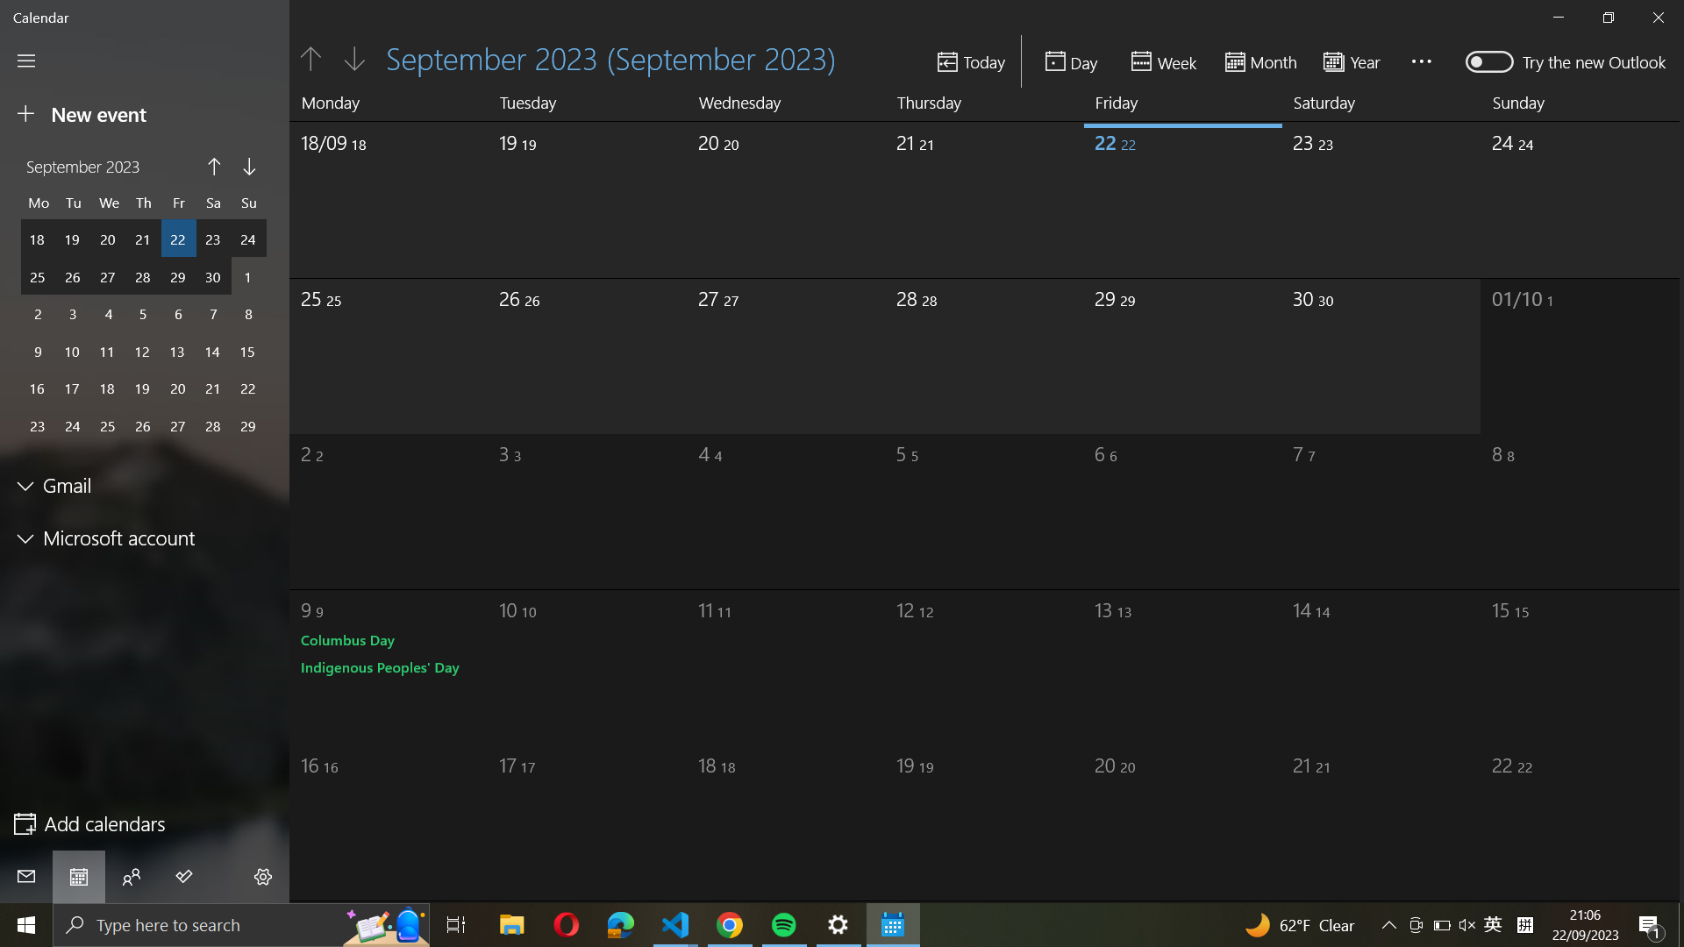  I want to click on Change the view to month, so click(1260, 60).